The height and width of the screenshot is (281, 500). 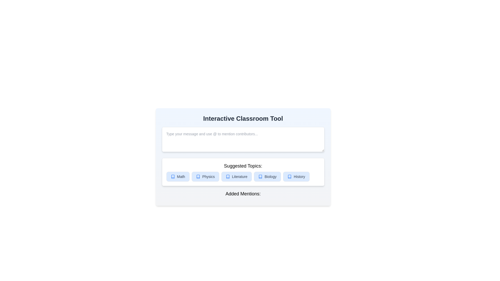 I want to click on the Text Heading element that serves as a title or header for the section, positioned above a text input field, so click(x=243, y=118).